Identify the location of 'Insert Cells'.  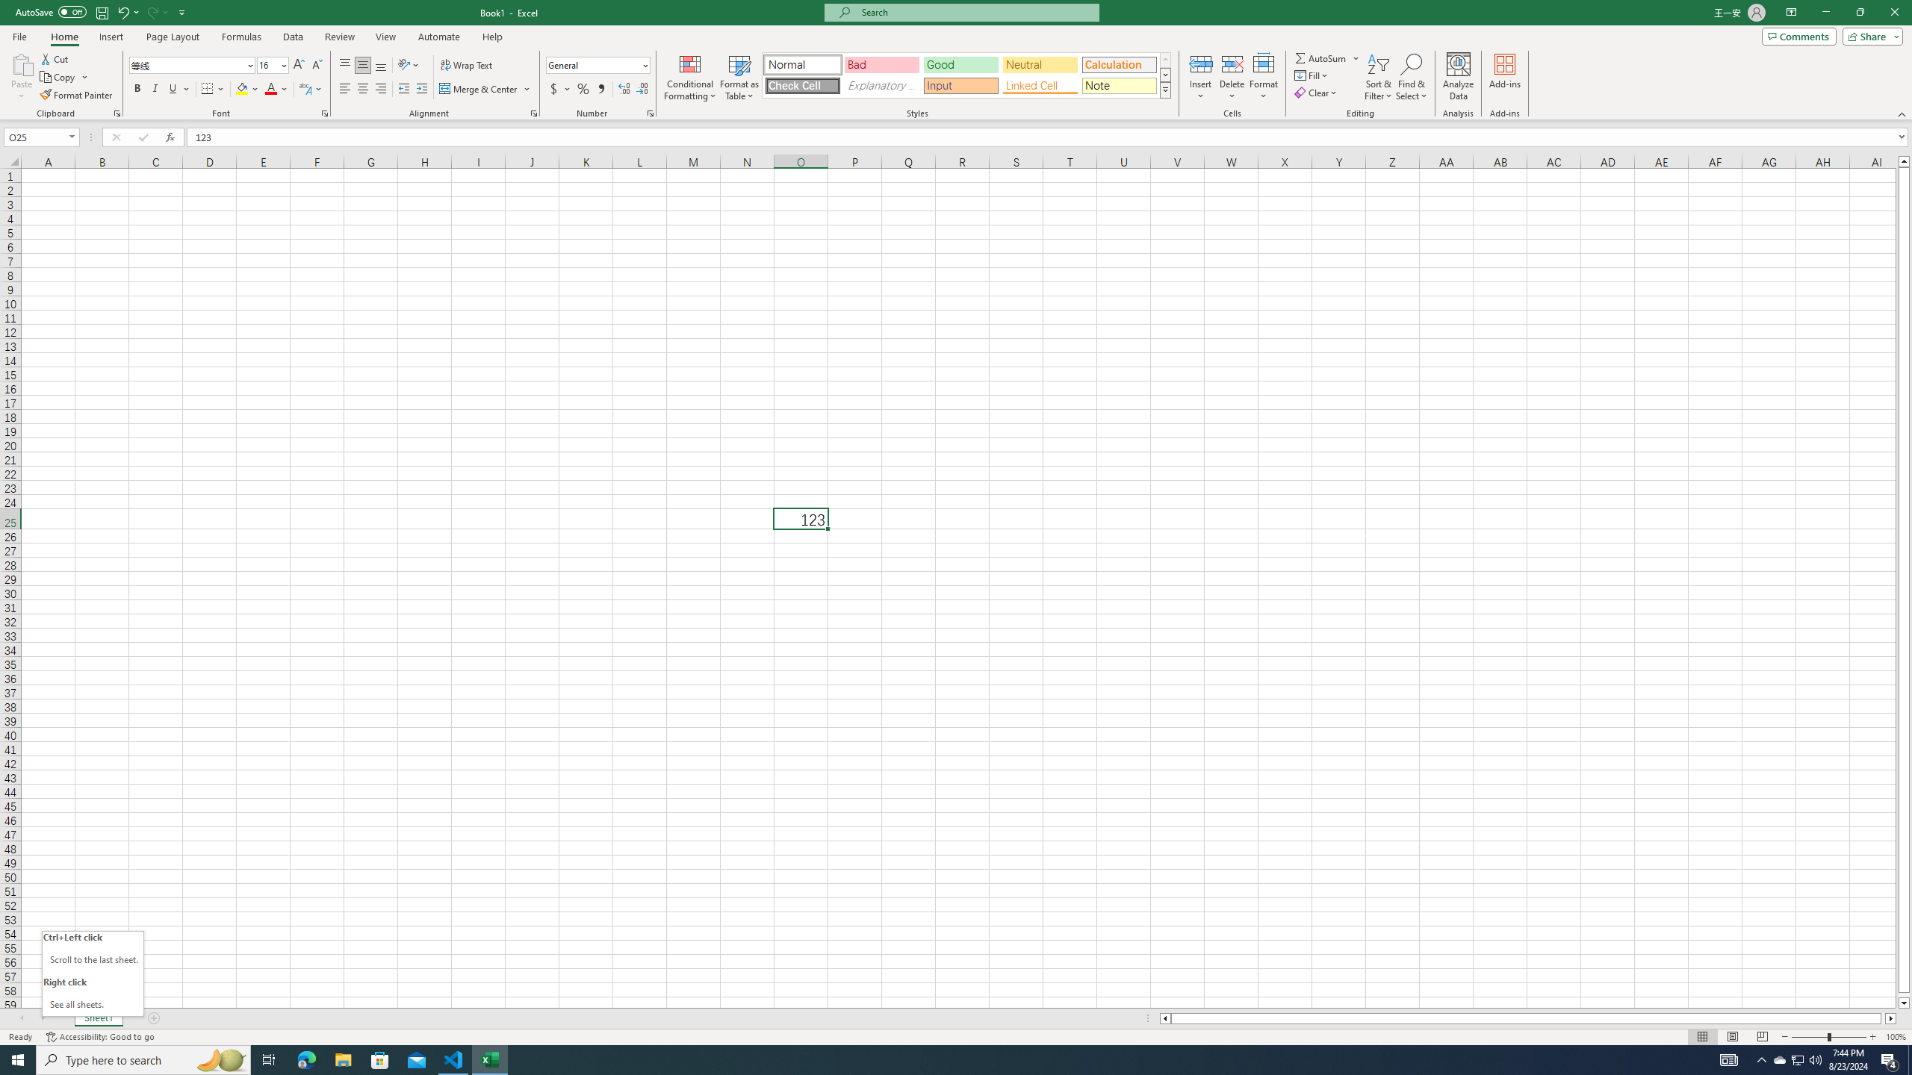
(1199, 63).